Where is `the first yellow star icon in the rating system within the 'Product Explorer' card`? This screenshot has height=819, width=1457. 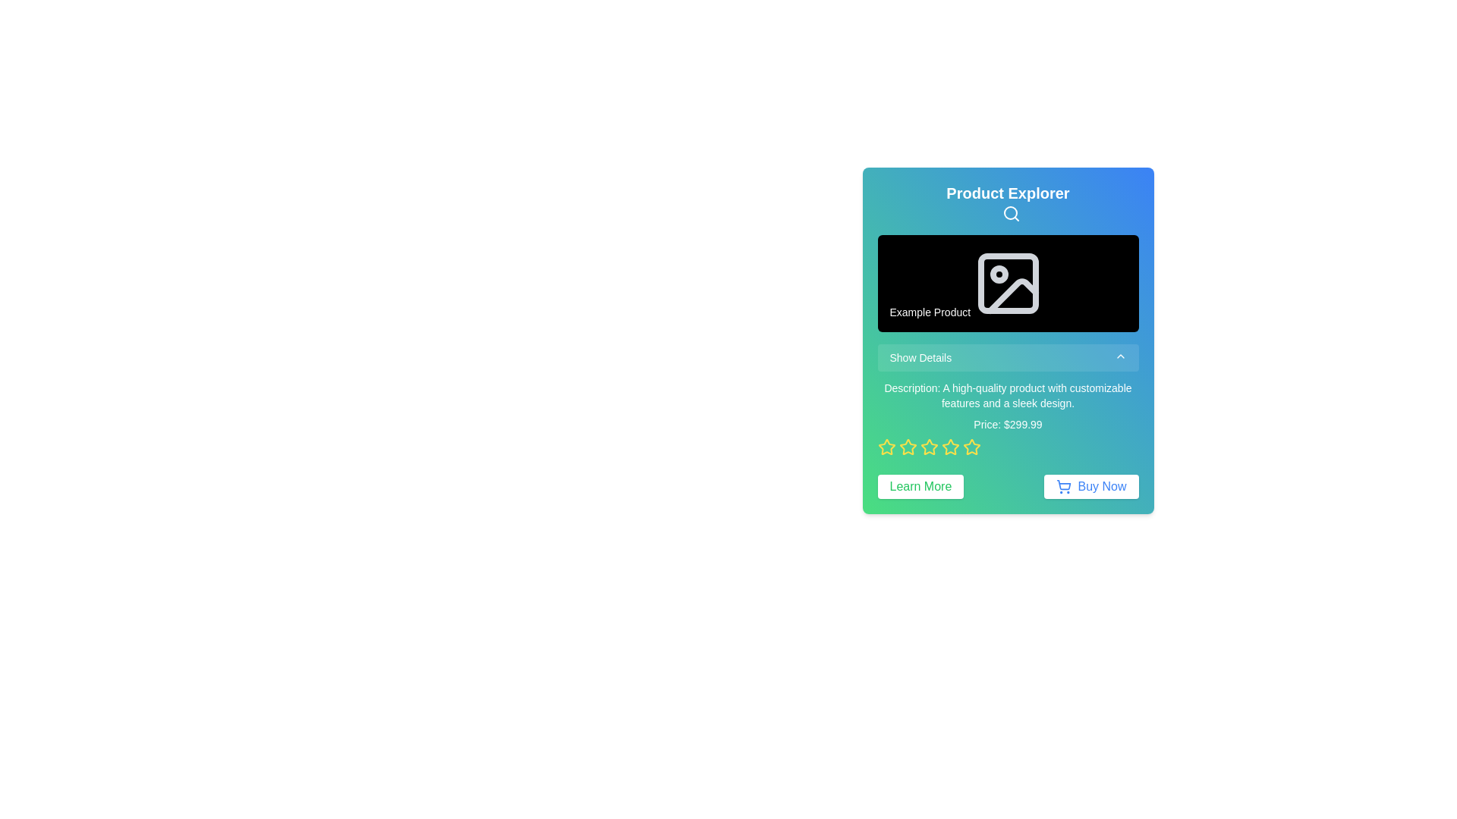
the first yellow star icon in the rating system within the 'Product Explorer' card is located at coordinates (908, 446).